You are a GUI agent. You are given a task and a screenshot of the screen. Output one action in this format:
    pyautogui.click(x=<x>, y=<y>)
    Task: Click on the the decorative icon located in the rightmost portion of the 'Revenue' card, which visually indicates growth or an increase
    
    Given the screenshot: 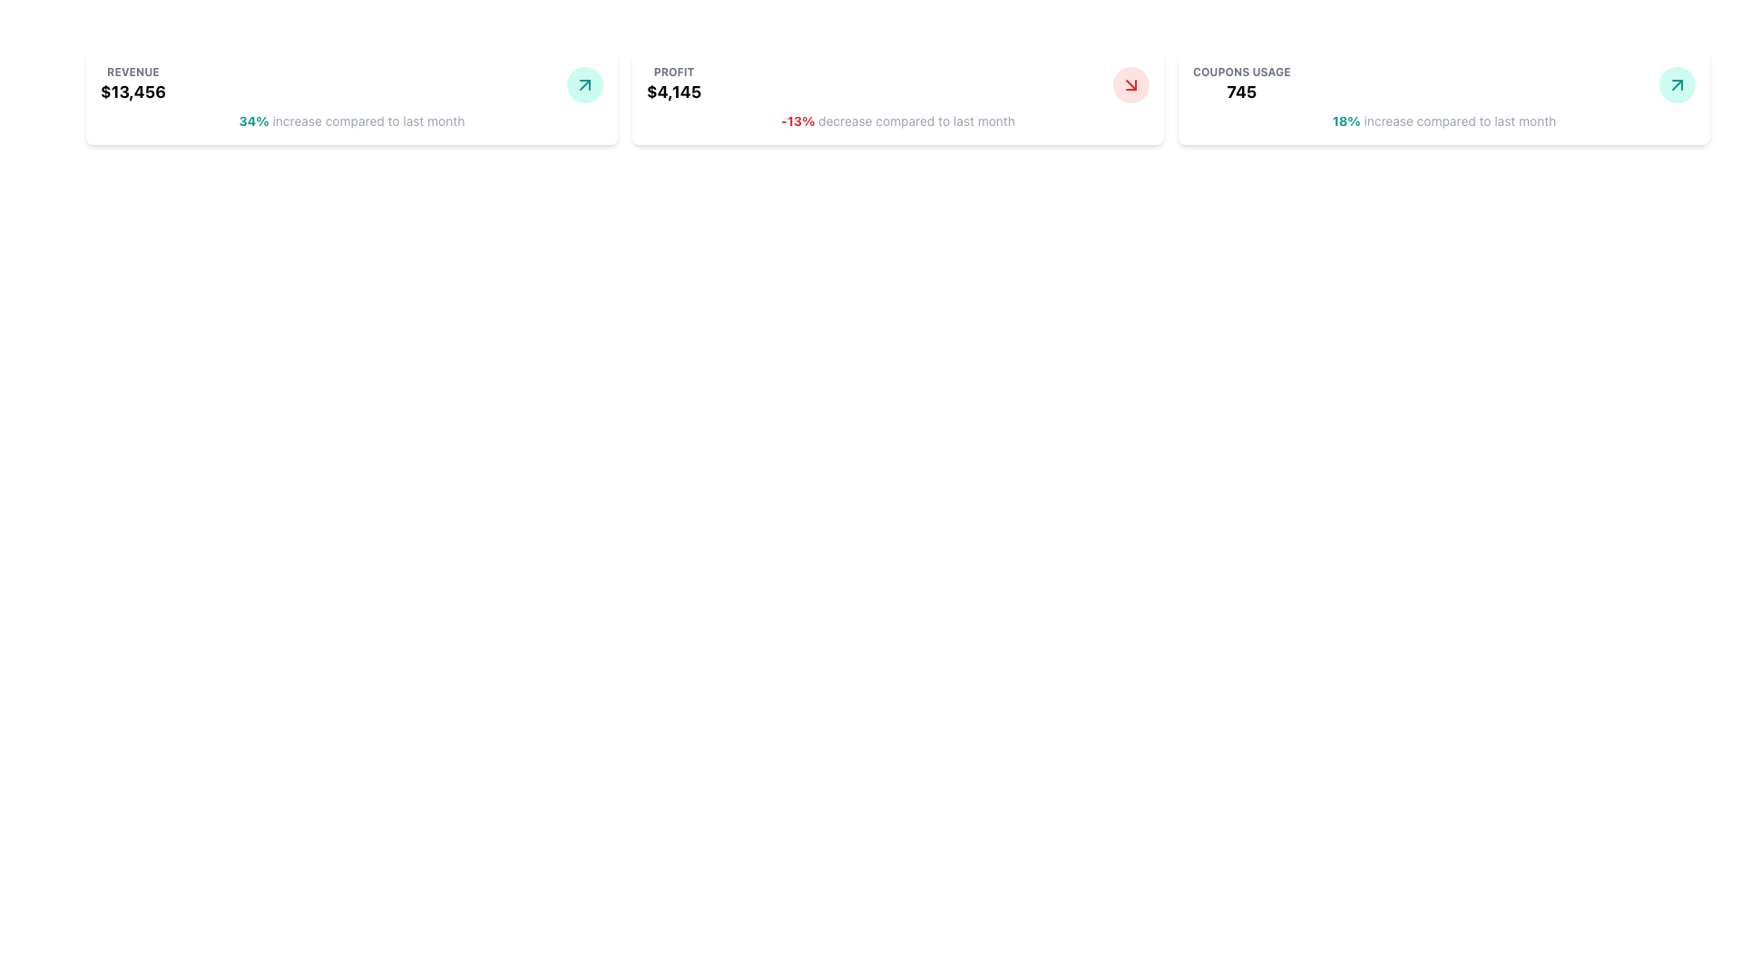 What is the action you would take?
    pyautogui.click(x=584, y=84)
    